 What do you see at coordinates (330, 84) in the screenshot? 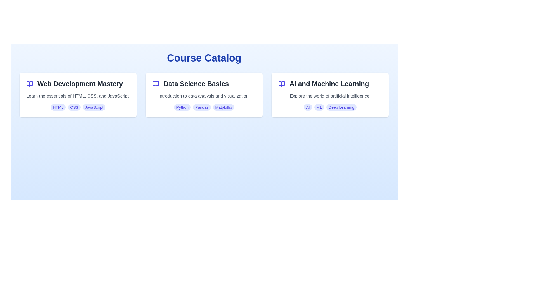
I see `the bold text label reading 'AI and Machine Learning' that is preceded by an indigo open book icon, located in the top section of the third card in a row of three` at bounding box center [330, 84].